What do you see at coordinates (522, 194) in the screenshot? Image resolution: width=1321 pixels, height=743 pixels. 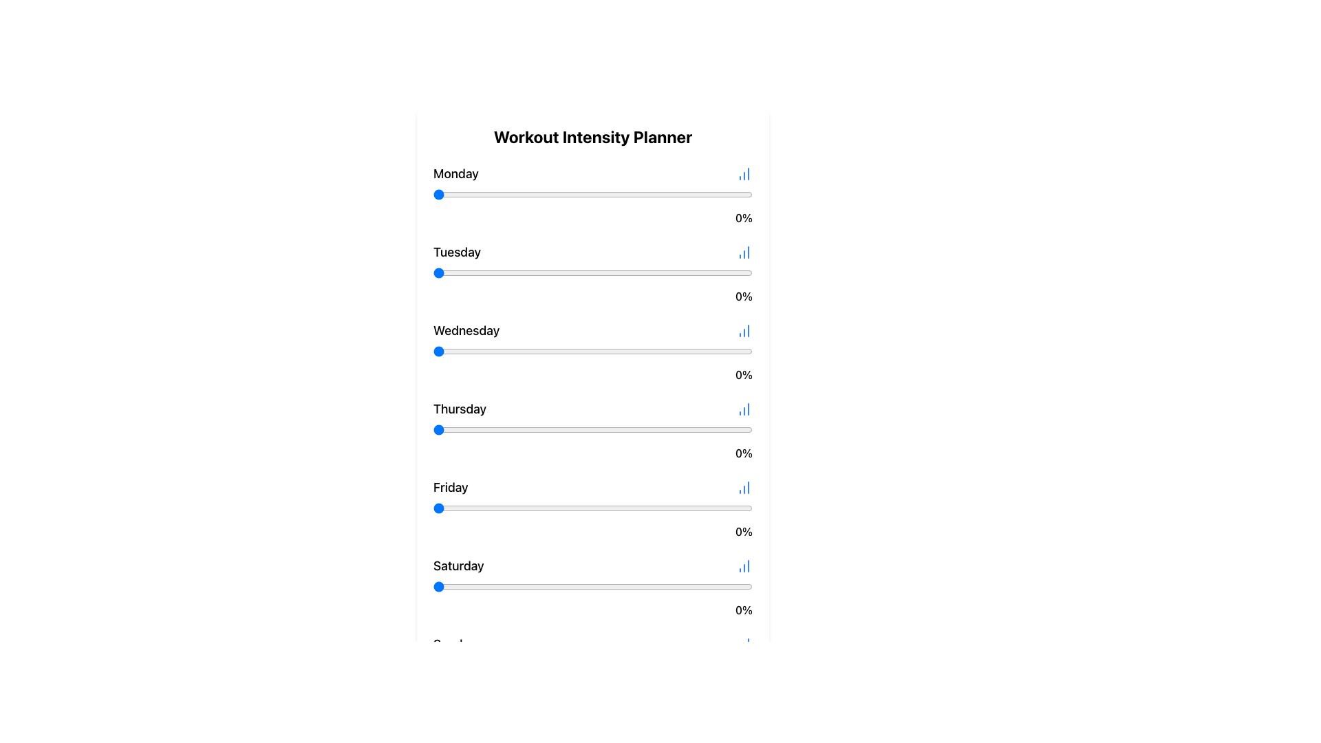 I see `Monday's intensity` at bounding box center [522, 194].